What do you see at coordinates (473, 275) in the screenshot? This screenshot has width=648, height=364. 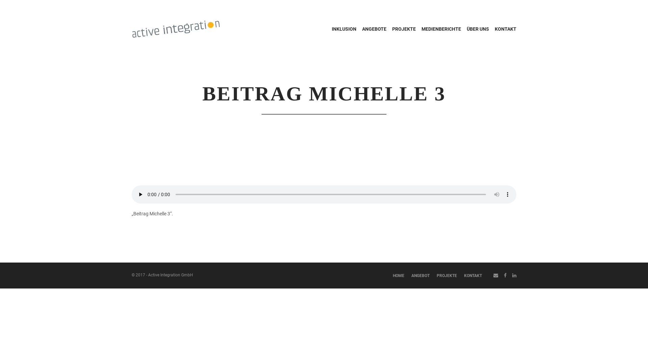 I see `'KONTAKT'` at bounding box center [473, 275].